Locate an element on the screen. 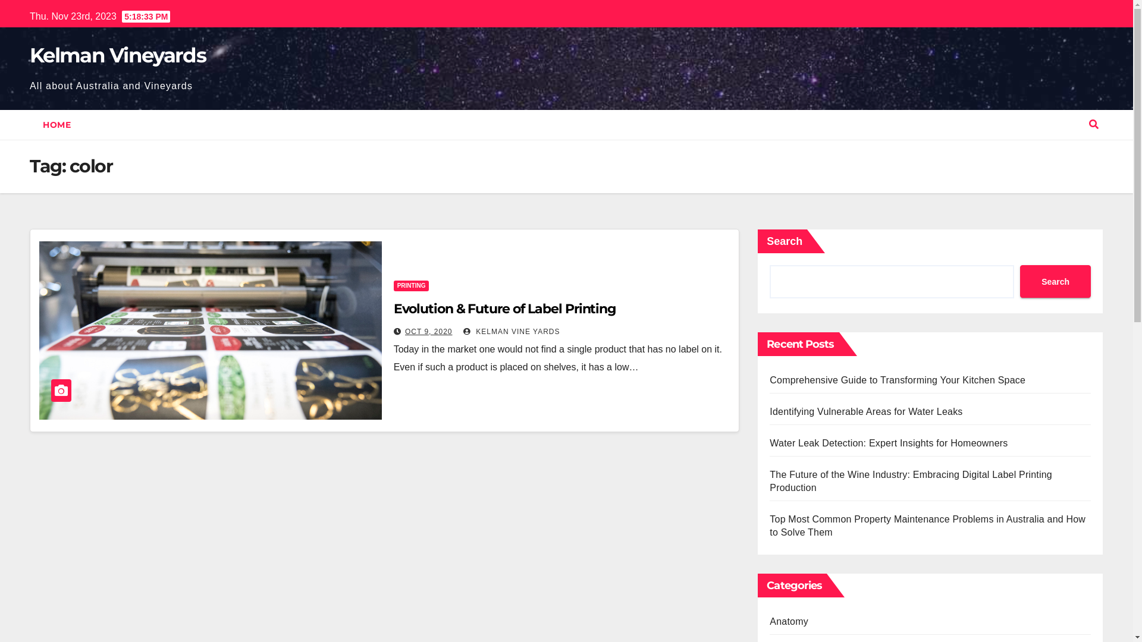 The image size is (1142, 642). 'Water Leak Detection: Expert Insights for Homeowners' is located at coordinates (888, 443).